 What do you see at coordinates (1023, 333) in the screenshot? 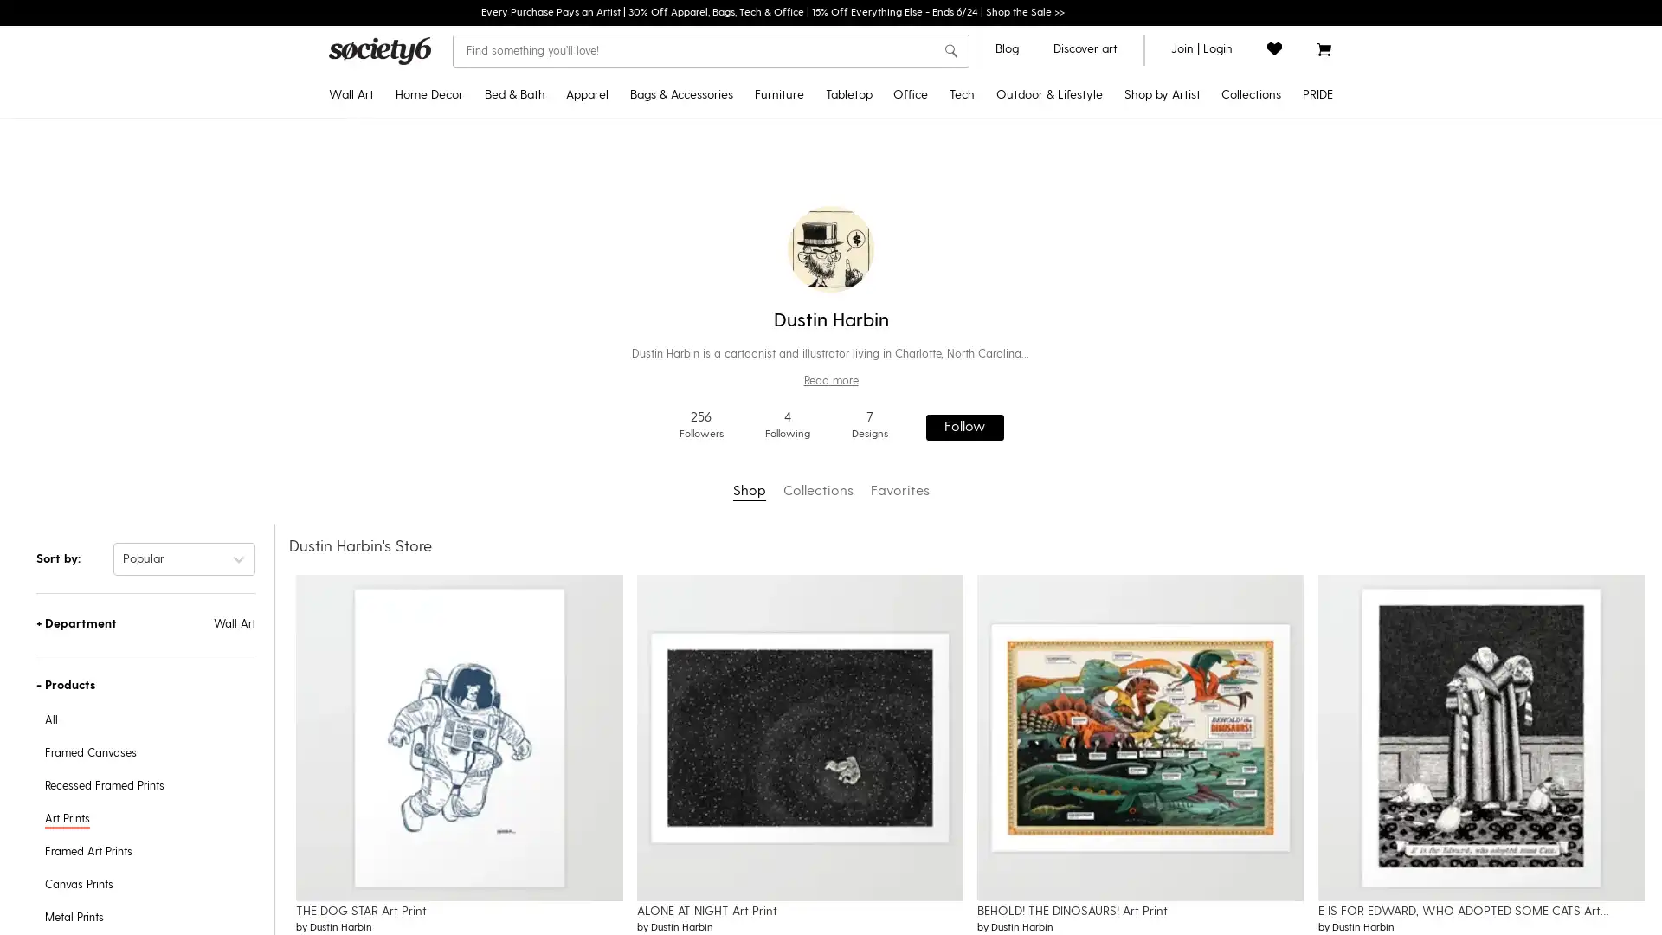
I see `Apple Watch Bands` at bounding box center [1023, 333].